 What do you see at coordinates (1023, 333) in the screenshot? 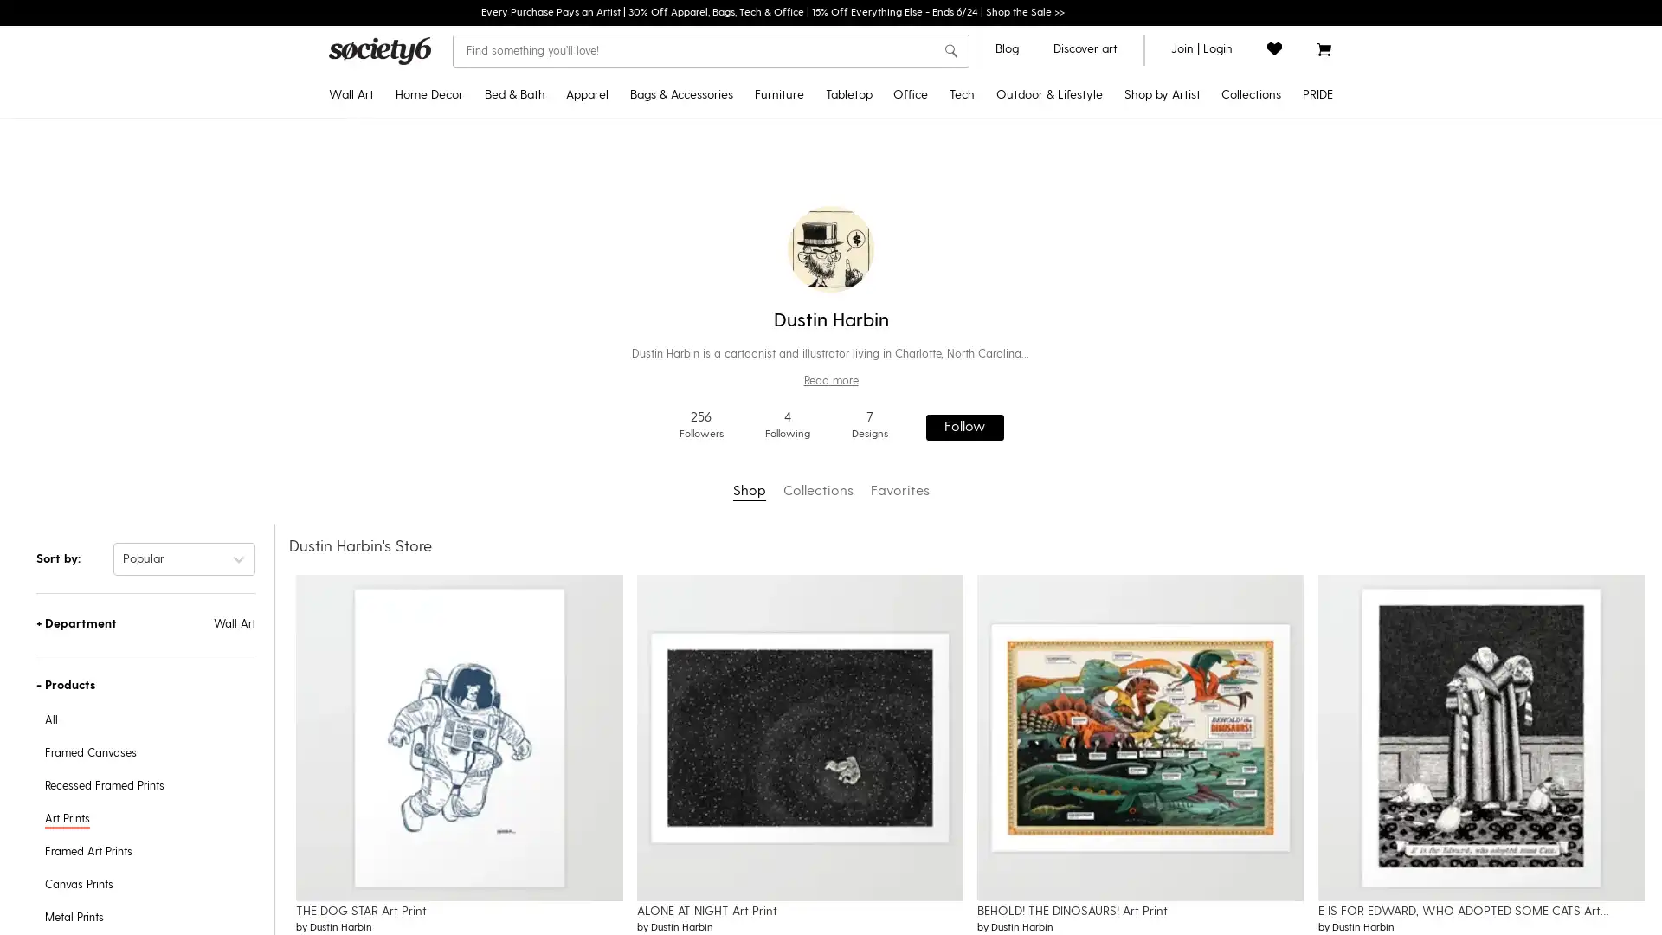
I see `Apple Watch Bands` at bounding box center [1023, 333].